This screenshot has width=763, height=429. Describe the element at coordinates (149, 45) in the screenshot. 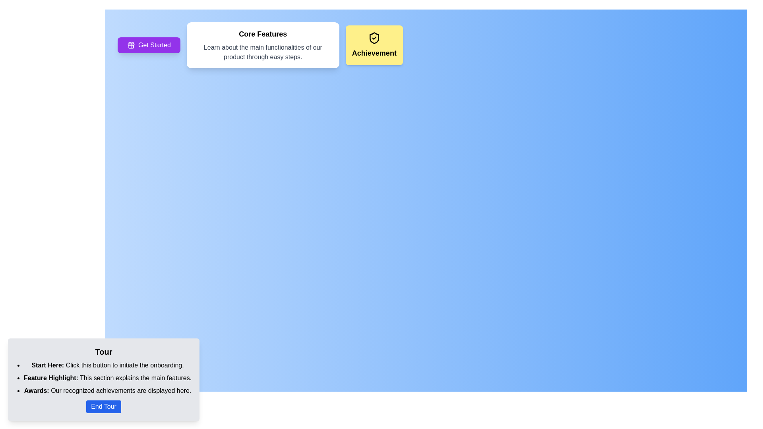

I see `the rectangular button with a purple background and white text reading 'Get Started'` at that location.